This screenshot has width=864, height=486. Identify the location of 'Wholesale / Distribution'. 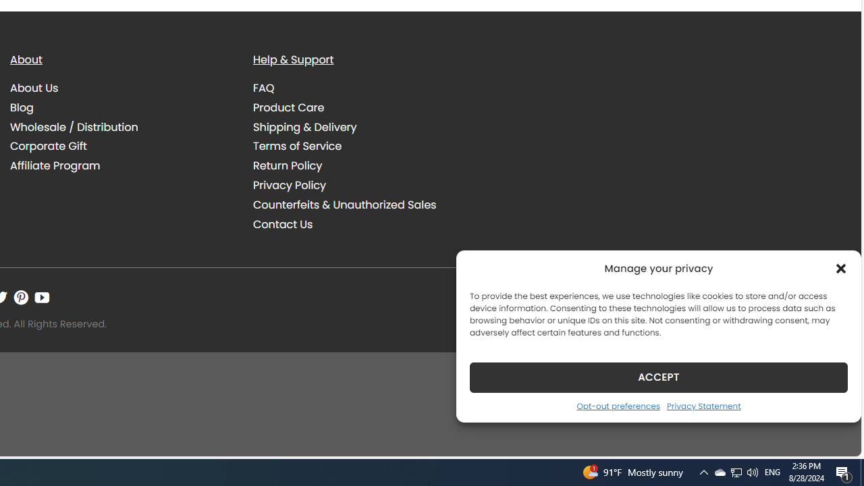
(122, 127).